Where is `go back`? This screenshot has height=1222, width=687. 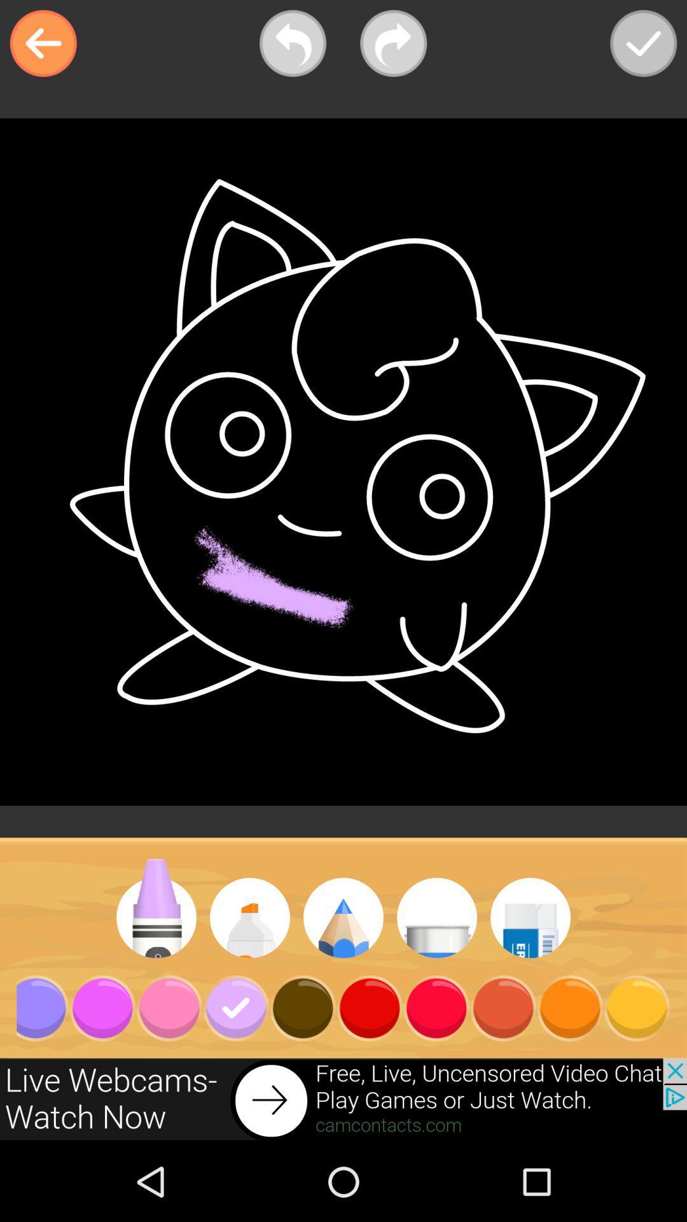 go back is located at coordinates (293, 43).